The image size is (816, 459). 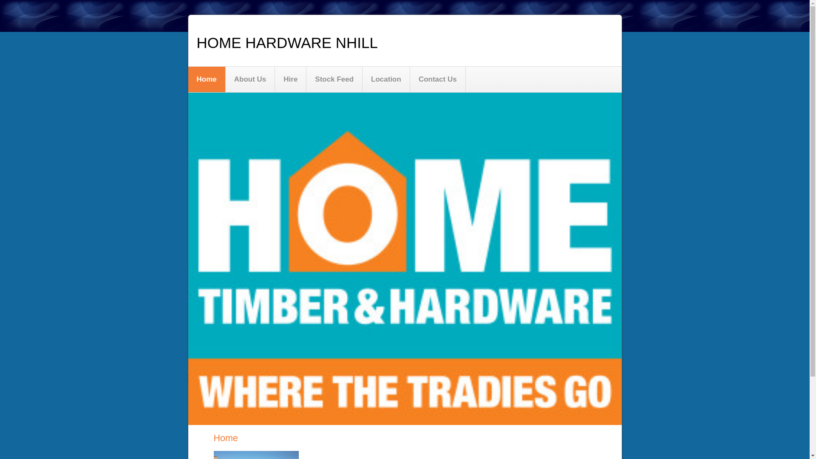 I want to click on 'About Us', so click(x=226, y=79).